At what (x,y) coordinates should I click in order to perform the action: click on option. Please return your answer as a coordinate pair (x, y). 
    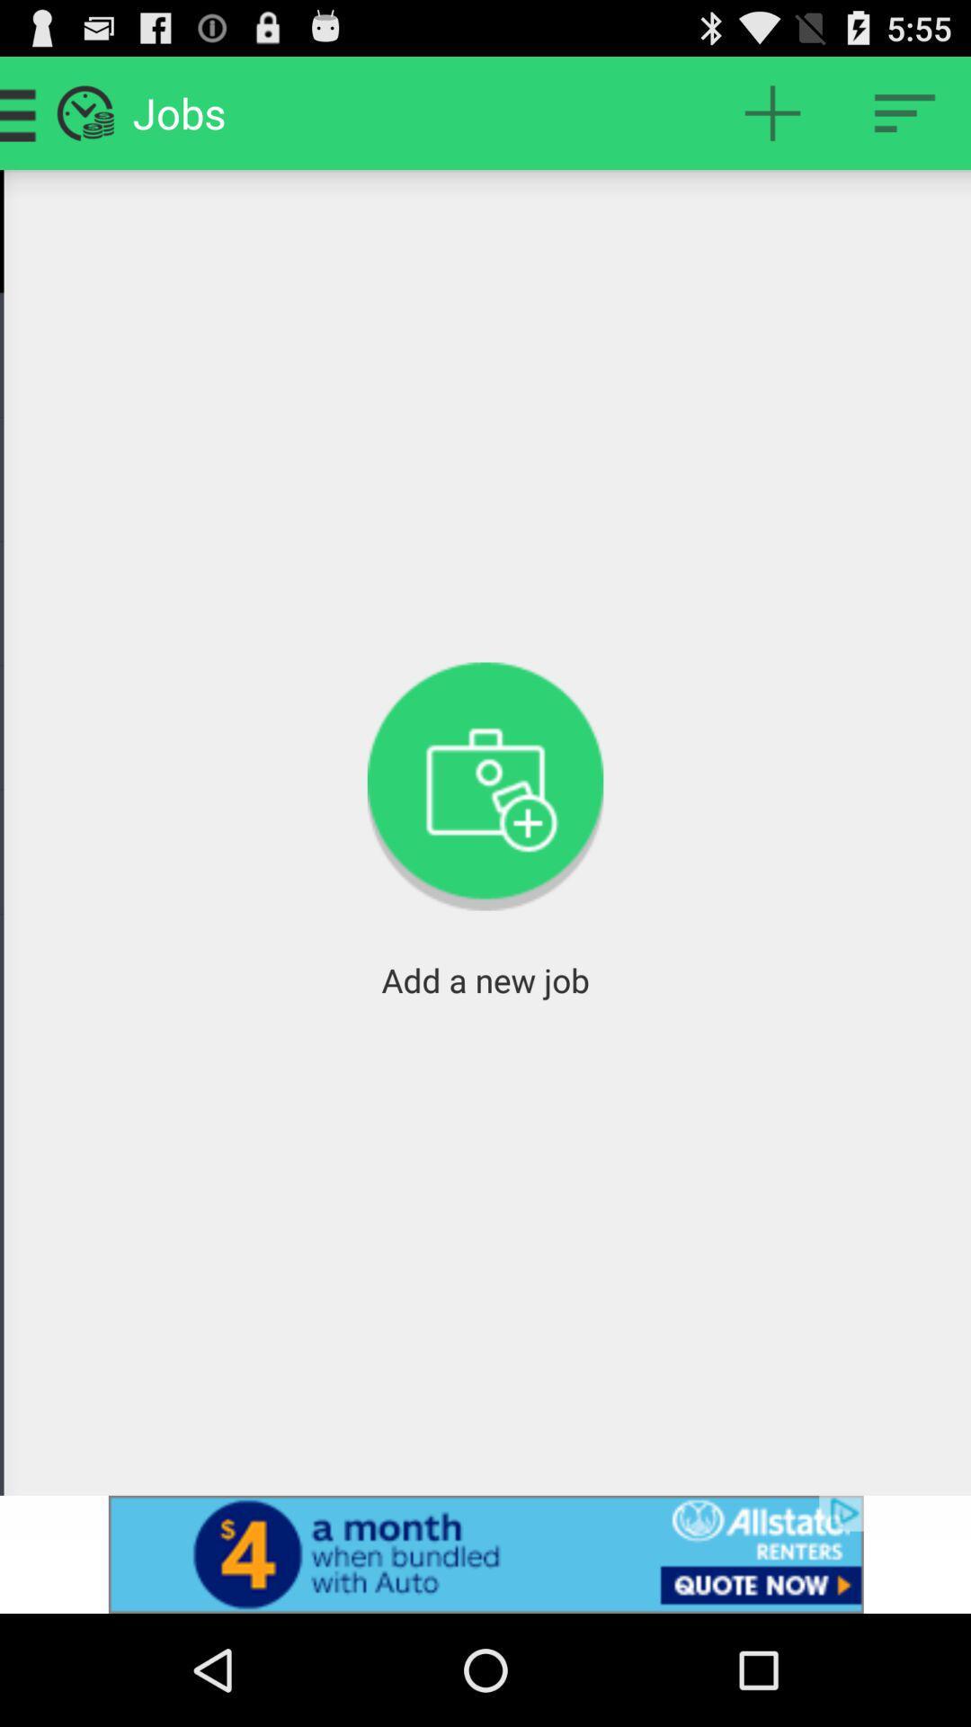
    Looking at the image, I should click on (904, 112).